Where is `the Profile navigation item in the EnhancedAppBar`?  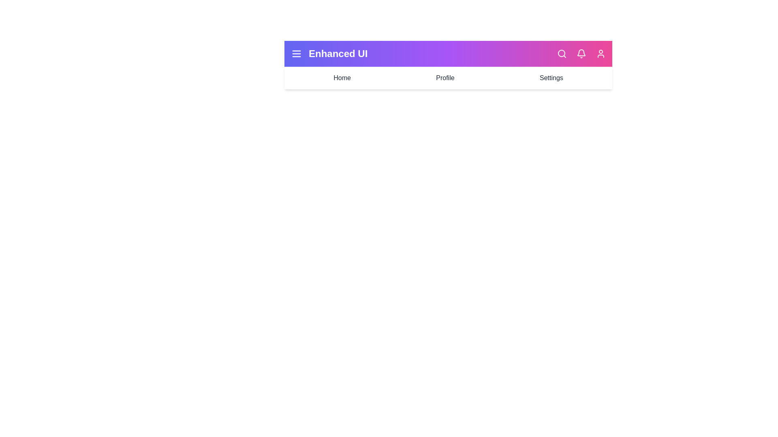
the Profile navigation item in the EnhancedAppBar is located at coordinates (445, 78).